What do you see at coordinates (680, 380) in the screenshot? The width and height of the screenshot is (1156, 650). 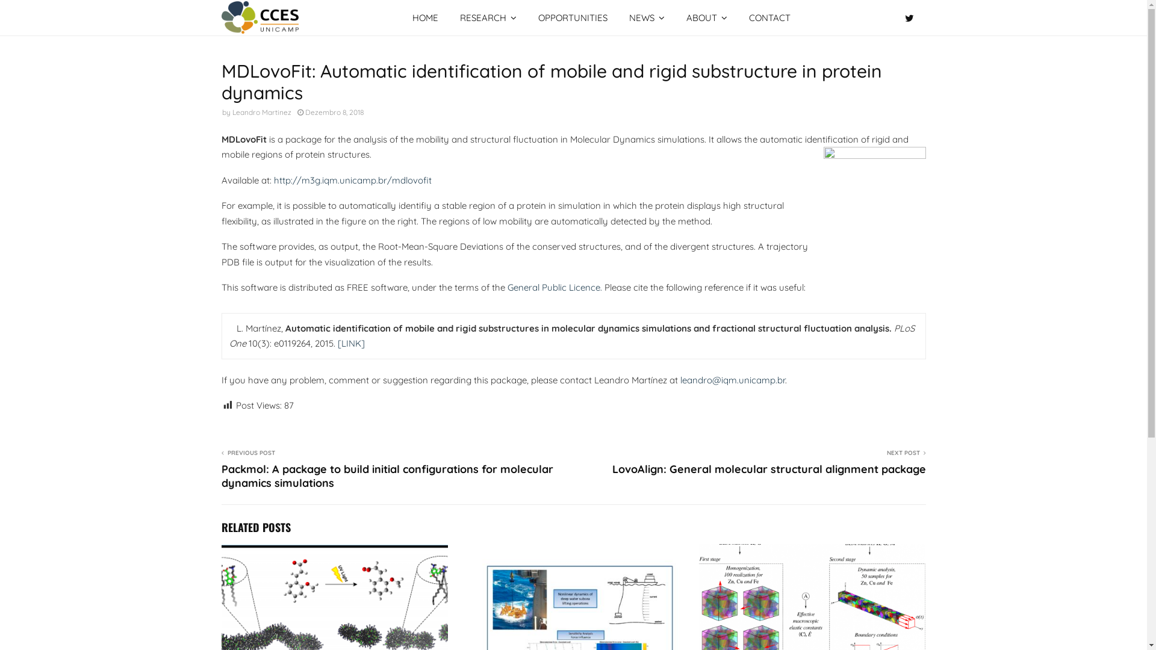 I see `'leandro@iqm.unicamp.br'` at bounding box center [680, 380].